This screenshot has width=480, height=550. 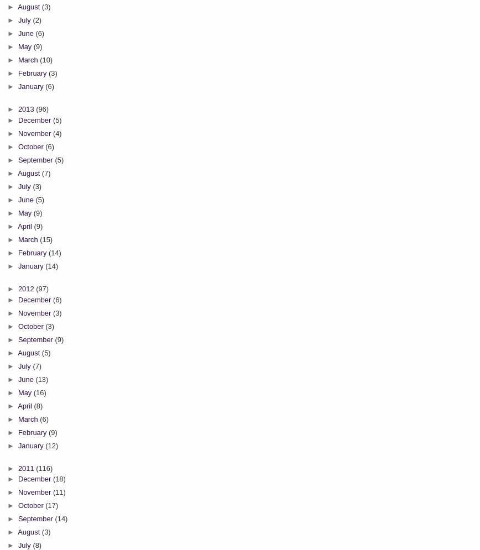 What do you see at coordinates (52, 479) in the screenshot?
I see `'(18)'` at bounding box center [52, 479].